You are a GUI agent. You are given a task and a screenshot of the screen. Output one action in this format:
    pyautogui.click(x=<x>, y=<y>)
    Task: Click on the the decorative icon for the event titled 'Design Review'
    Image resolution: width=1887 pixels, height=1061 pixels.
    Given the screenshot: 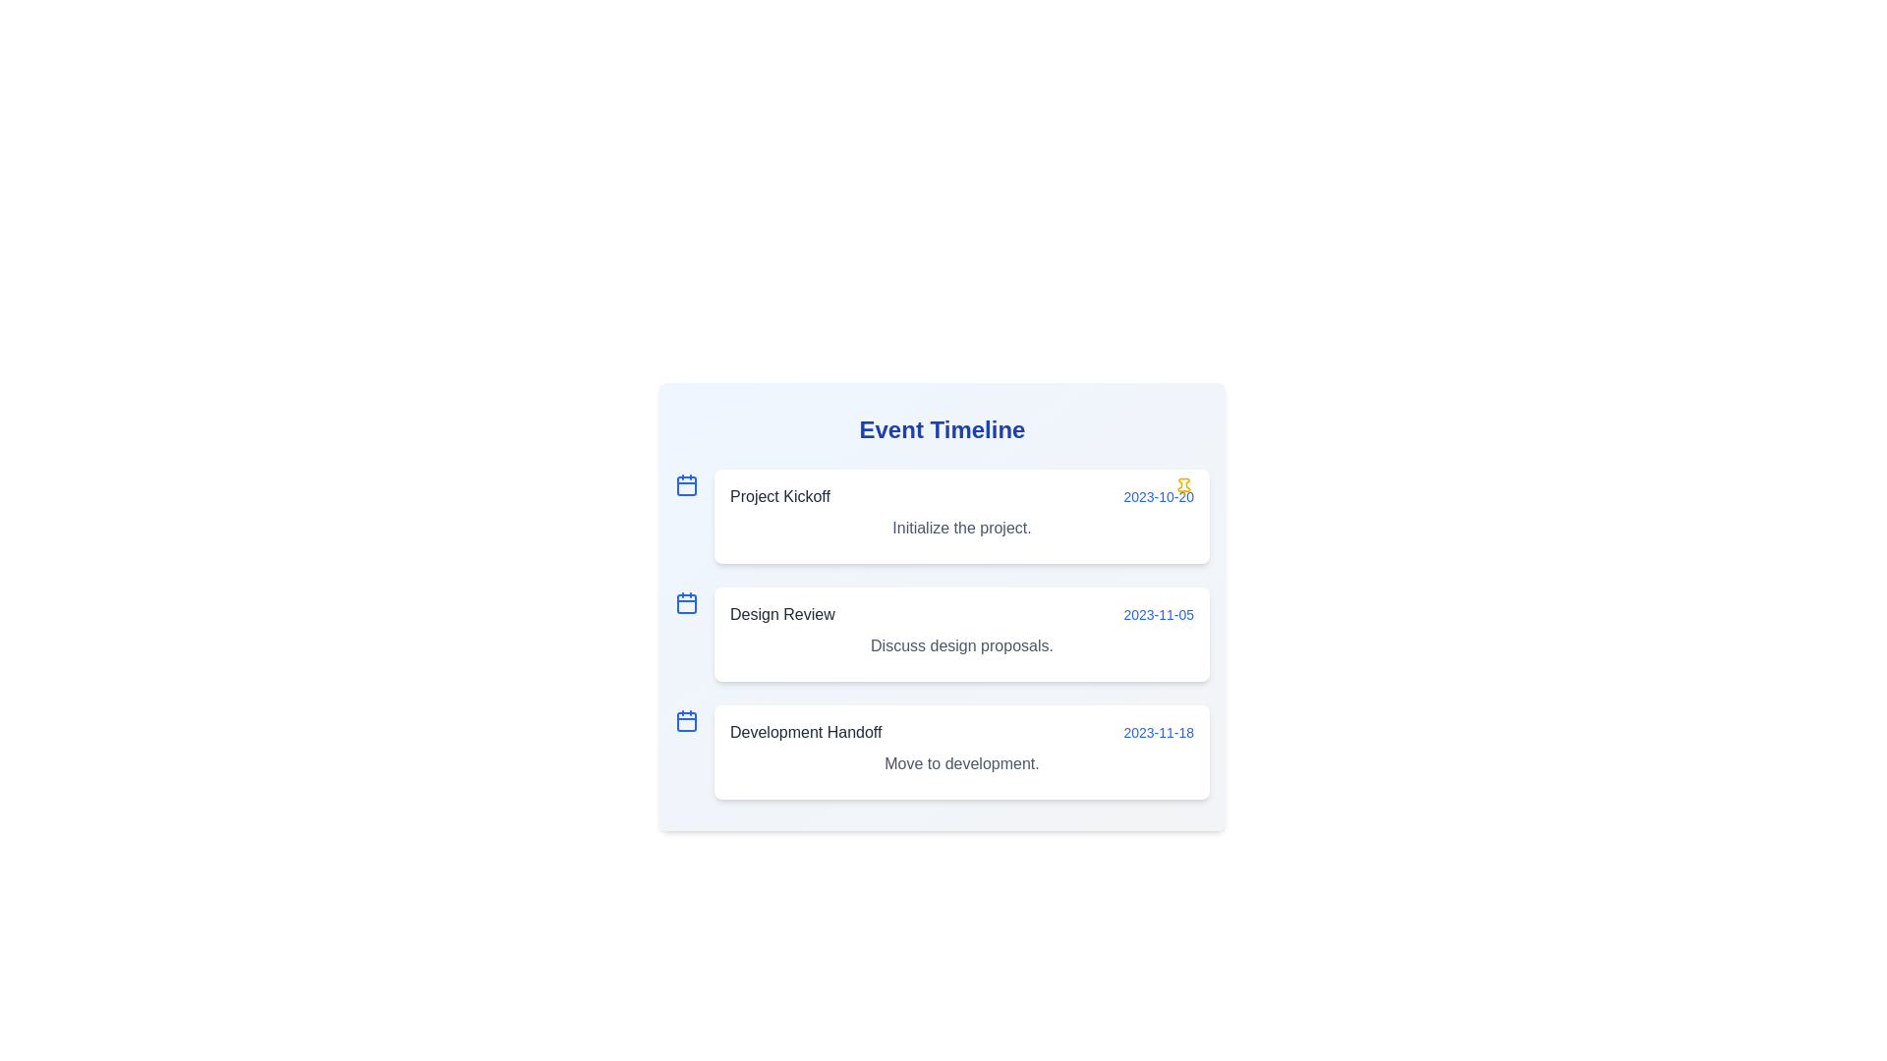 What is the action you would take?
    pyautogui.click(x=687, y=601)
    